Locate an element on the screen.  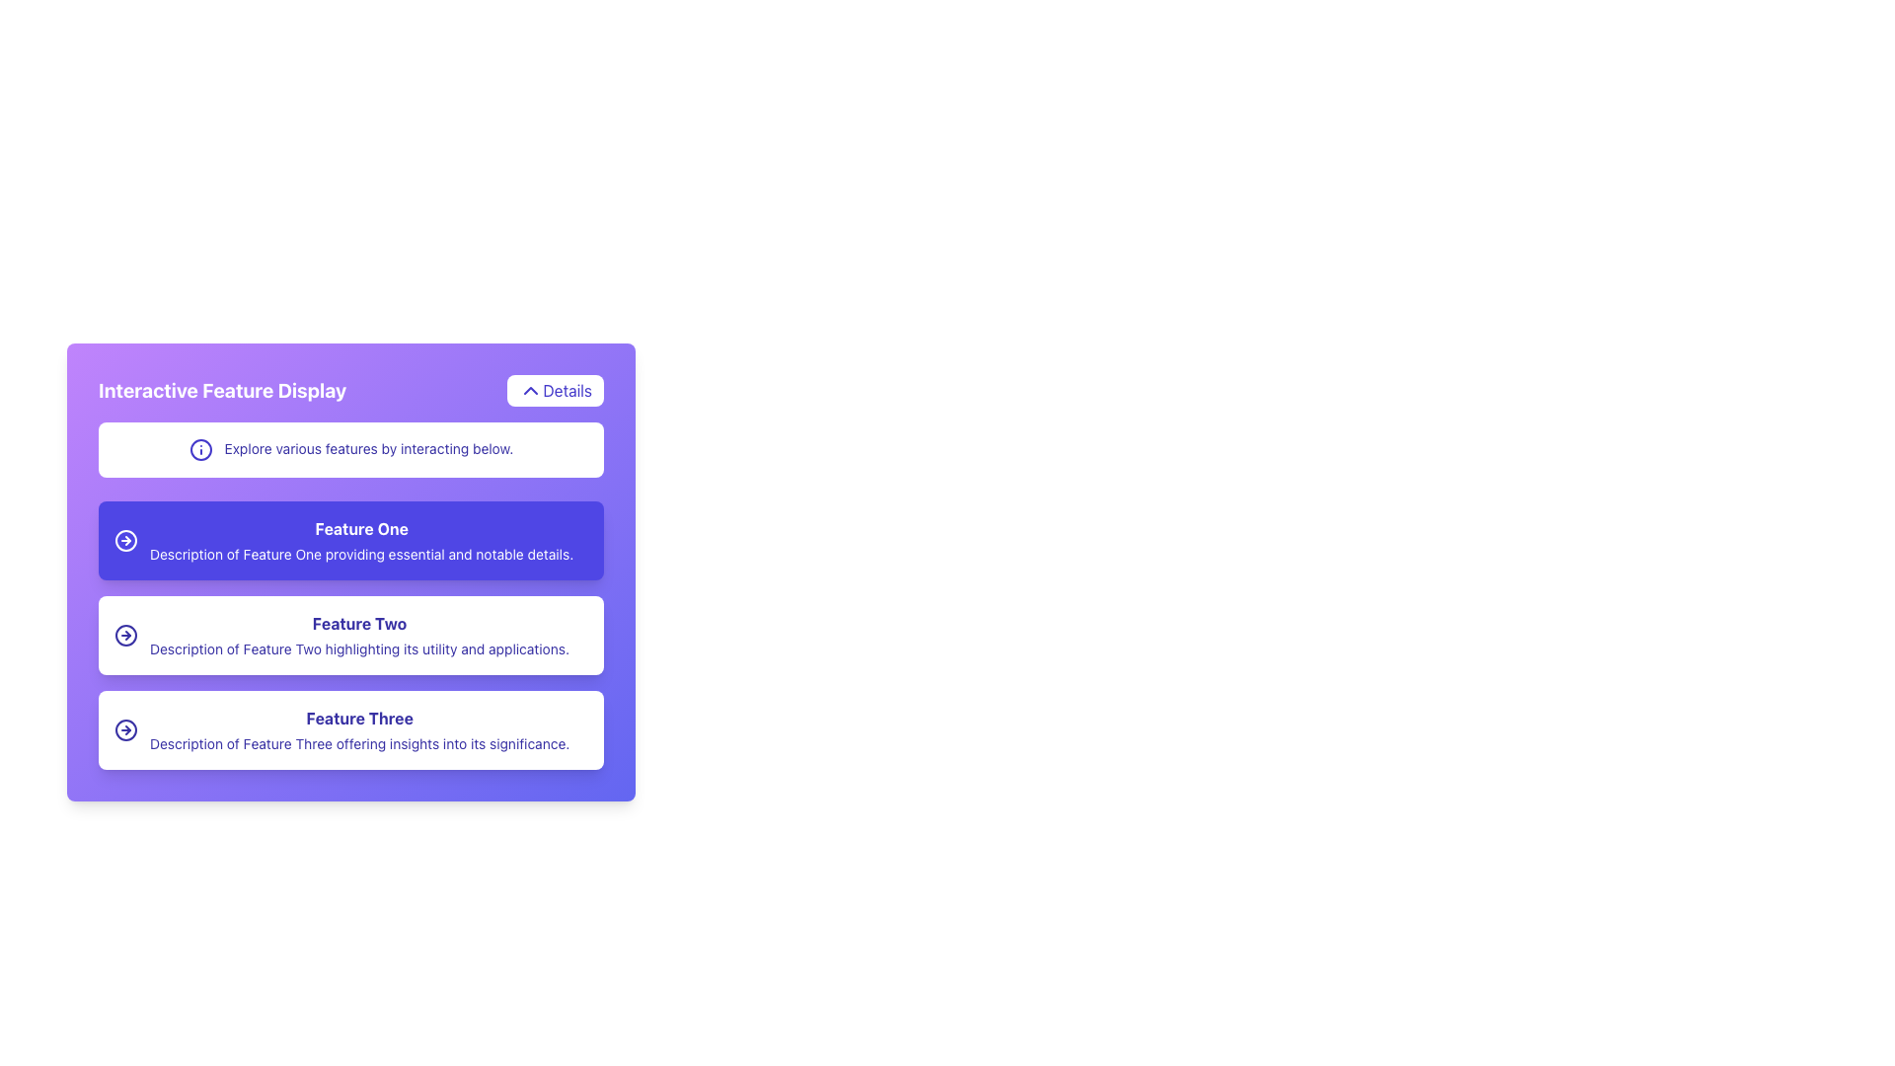
the rightward-pointing arrow icon within a circular stroke, located to the left of the text 'Feature Two' in the interface is located at coordinates (125, 636).